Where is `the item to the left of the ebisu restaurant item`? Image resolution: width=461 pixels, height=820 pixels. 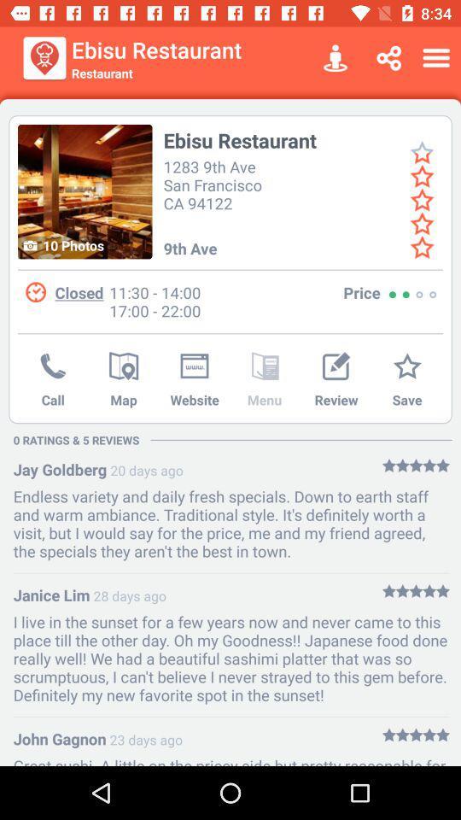
the item to the left of the ebisu restaurant item is located at coordinates (44, 58).